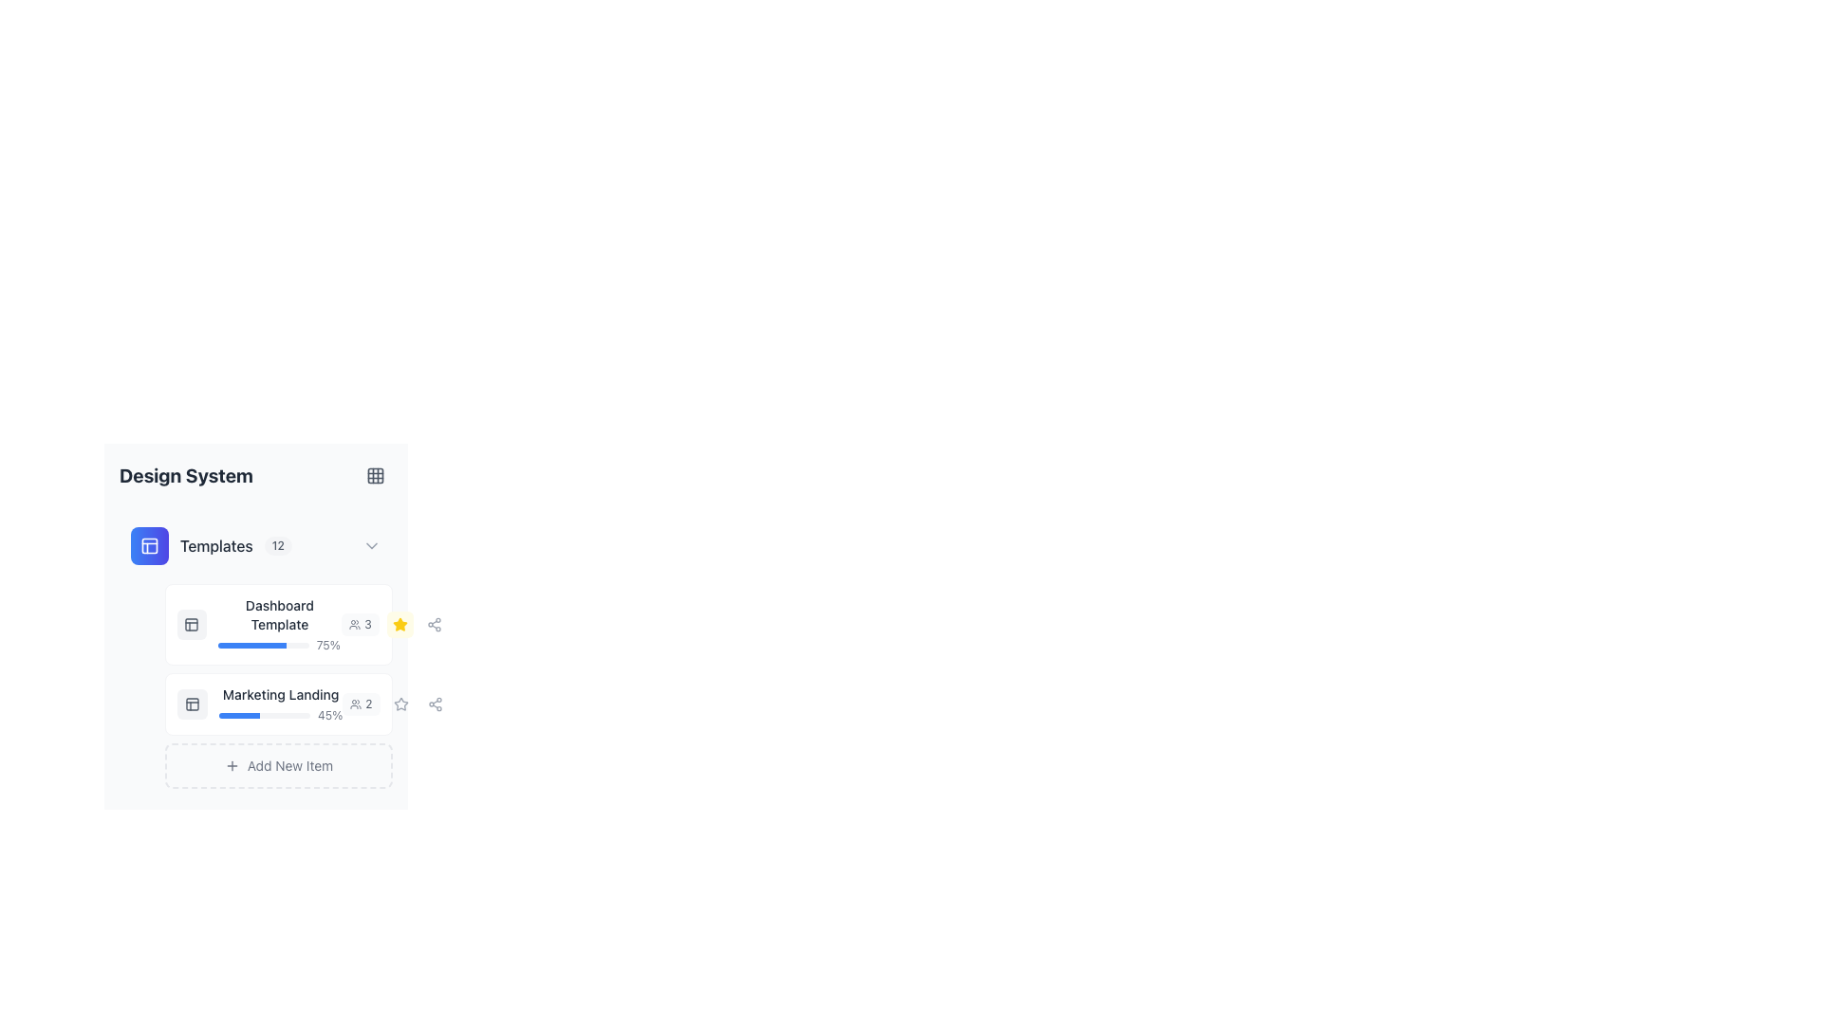 Image resolution: width=1822 pixels, height=1024 pixels. Describe the element at coordinates (192, 625) in the screenshot. I see `the SVG icon resembling a window, which is embedded in a rounded rectangular button located near the top-left corner of the template details subpanel` at that location.